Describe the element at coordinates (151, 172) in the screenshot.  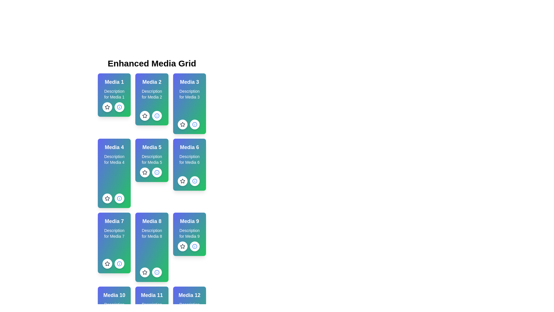
I see `the gray star outline icon at the bottom-left corner of the 'Media 5' card to mark it as a favorite` at that location.